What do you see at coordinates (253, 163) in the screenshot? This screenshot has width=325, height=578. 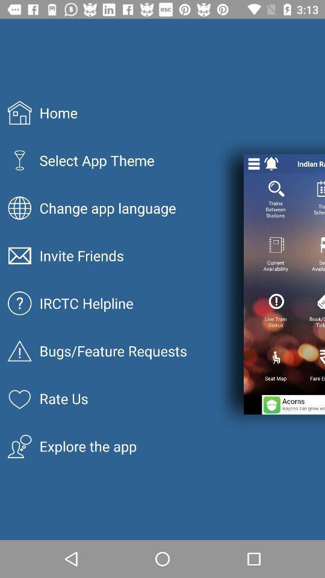 I see `the menu icon` at bounding box center [253, 163].